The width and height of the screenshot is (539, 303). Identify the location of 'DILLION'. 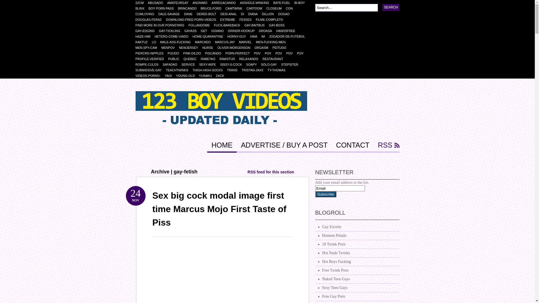
(270, 14).